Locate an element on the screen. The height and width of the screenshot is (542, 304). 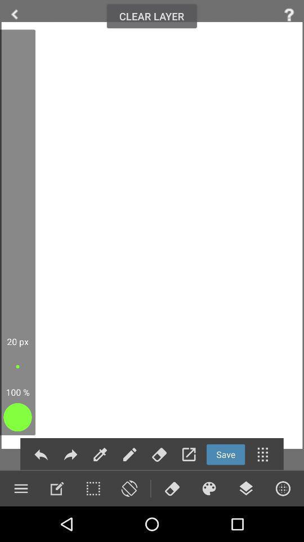
edit is located at coordinates (100, 454).